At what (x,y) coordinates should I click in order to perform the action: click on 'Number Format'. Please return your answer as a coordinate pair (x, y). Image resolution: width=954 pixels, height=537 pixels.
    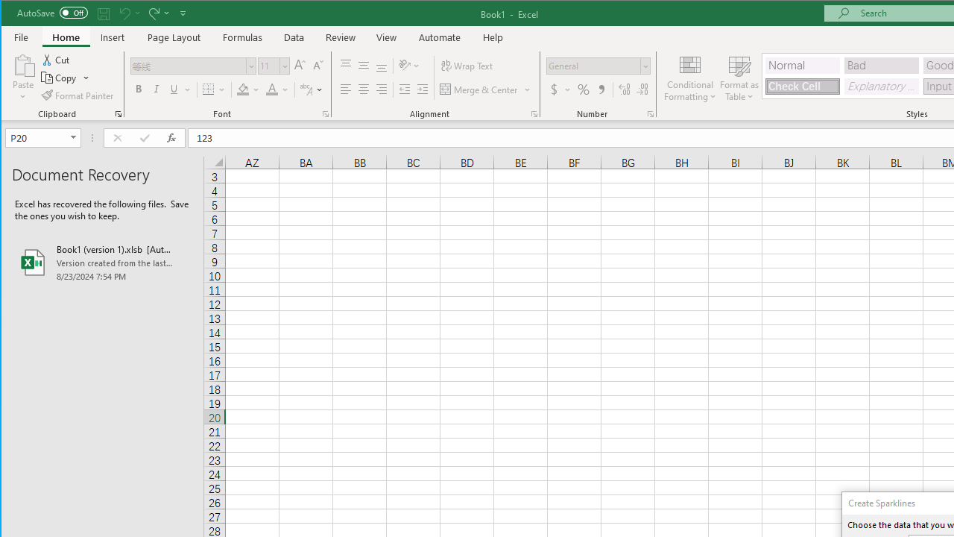
    Looking at the image, I should click on (593, 65).